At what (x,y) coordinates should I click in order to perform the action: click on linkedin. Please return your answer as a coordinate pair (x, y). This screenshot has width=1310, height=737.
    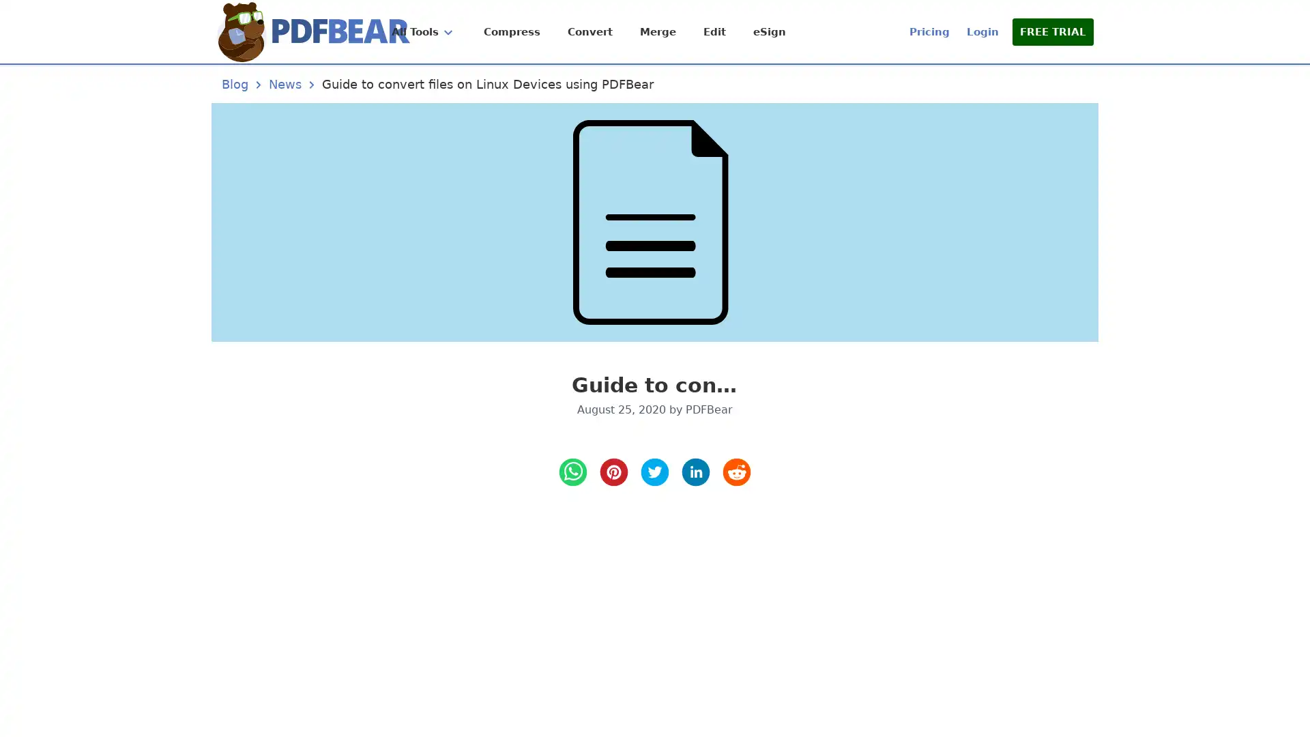
    Looking at the image, I should click on (695, 471).